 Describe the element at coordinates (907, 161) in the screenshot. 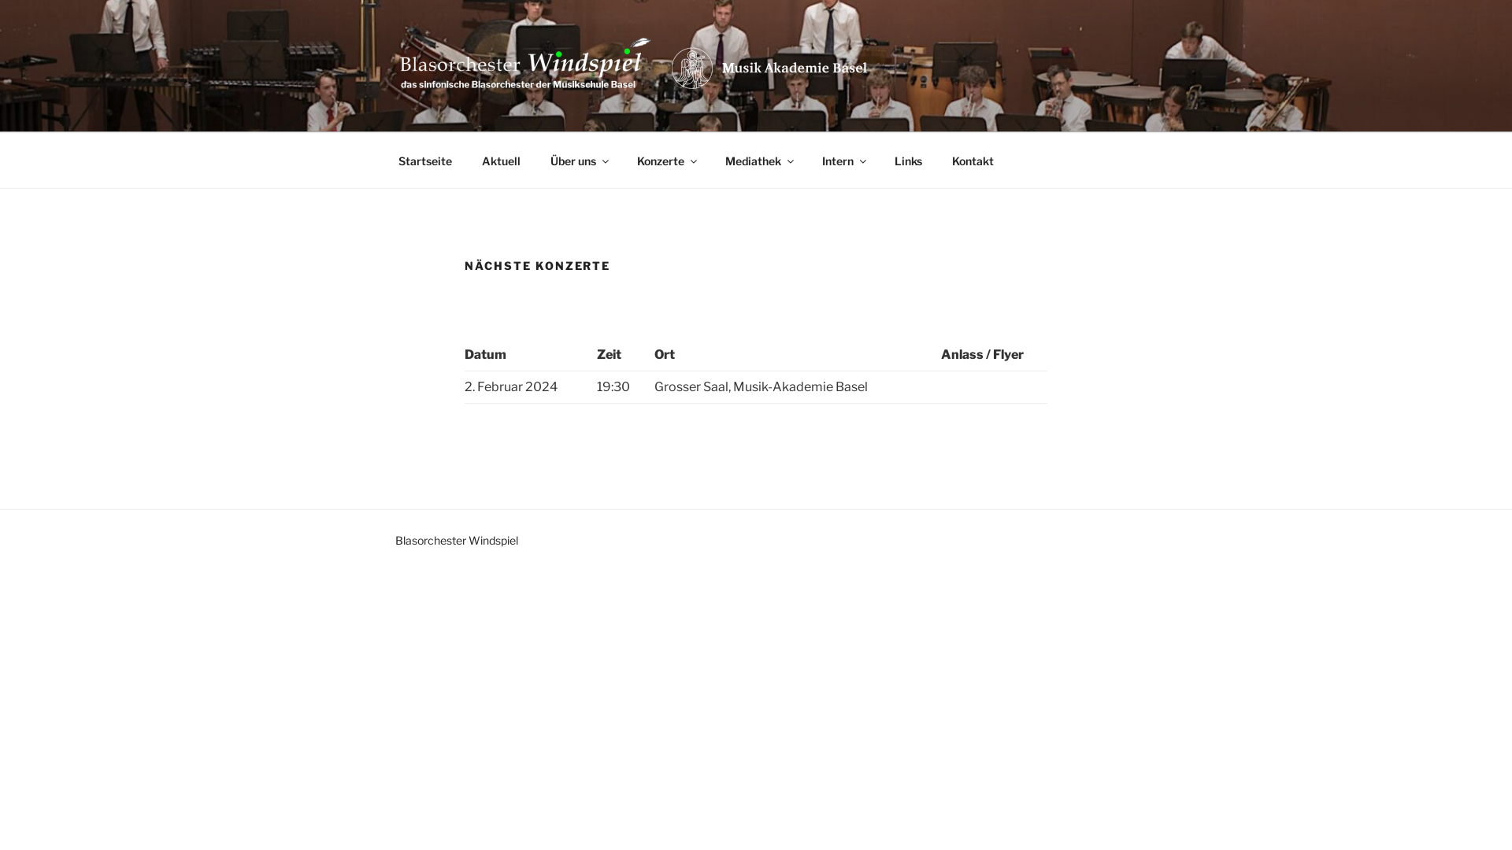

I see `'Links'` at that location.